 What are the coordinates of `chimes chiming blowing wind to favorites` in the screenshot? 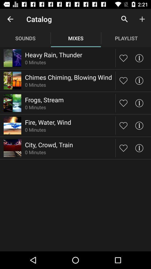 It's located at (123, 80).